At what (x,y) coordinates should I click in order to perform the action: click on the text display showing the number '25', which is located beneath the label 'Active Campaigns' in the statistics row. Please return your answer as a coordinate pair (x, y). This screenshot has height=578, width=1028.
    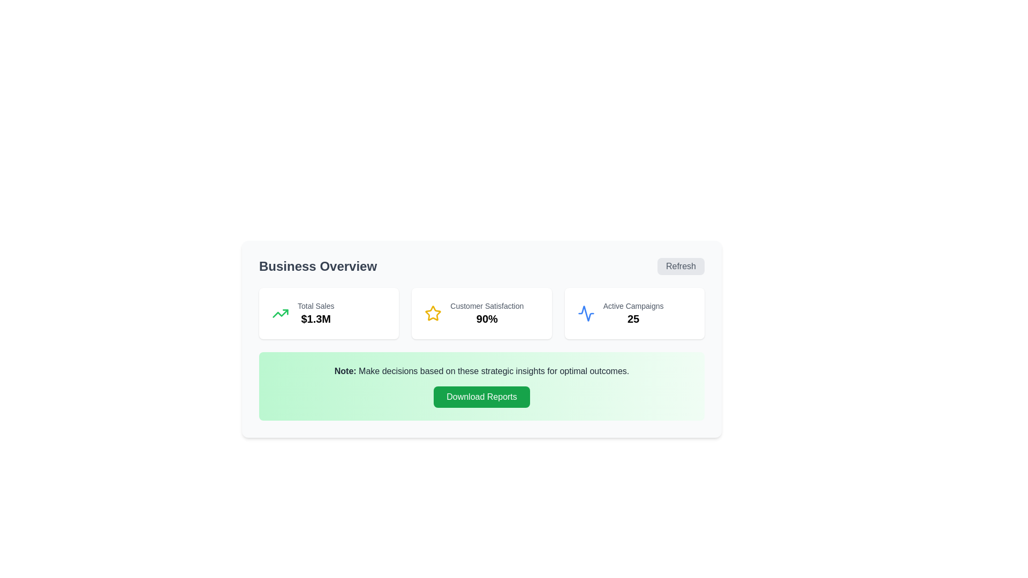
    Looking at the image, I should click on (633, 318).